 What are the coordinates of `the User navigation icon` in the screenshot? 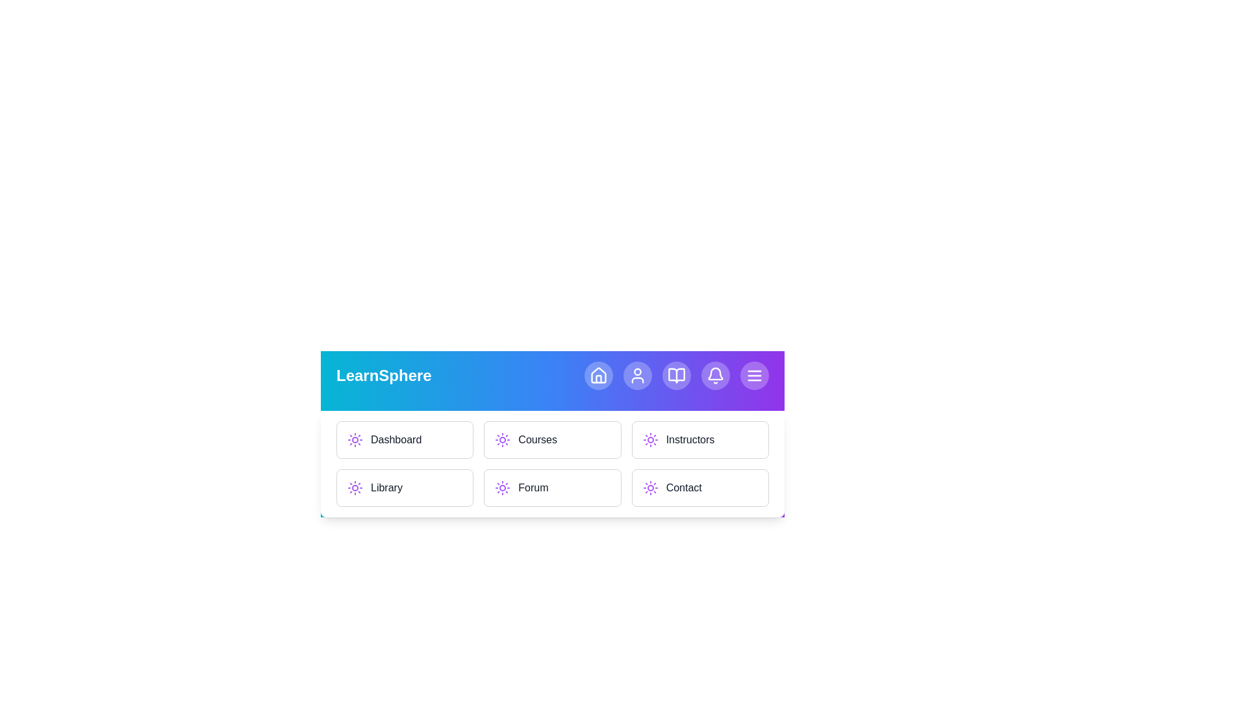 It's located at (638, 375).